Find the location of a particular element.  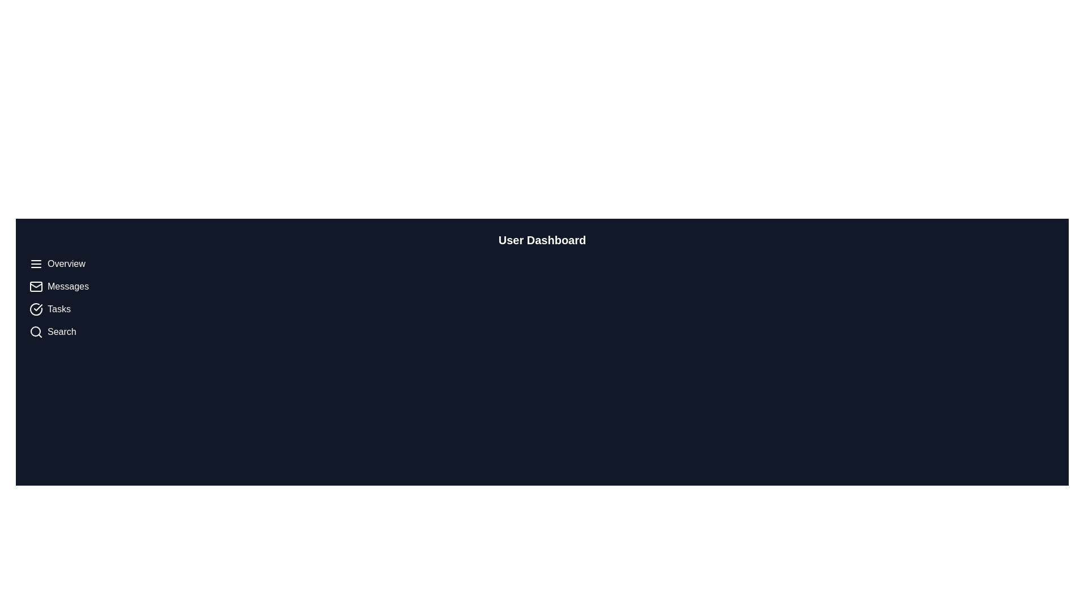

the magnifying glass icon, which is the first element in the sidebar menu located to the left of the 'Search' label is located at coordinates (36, 331).